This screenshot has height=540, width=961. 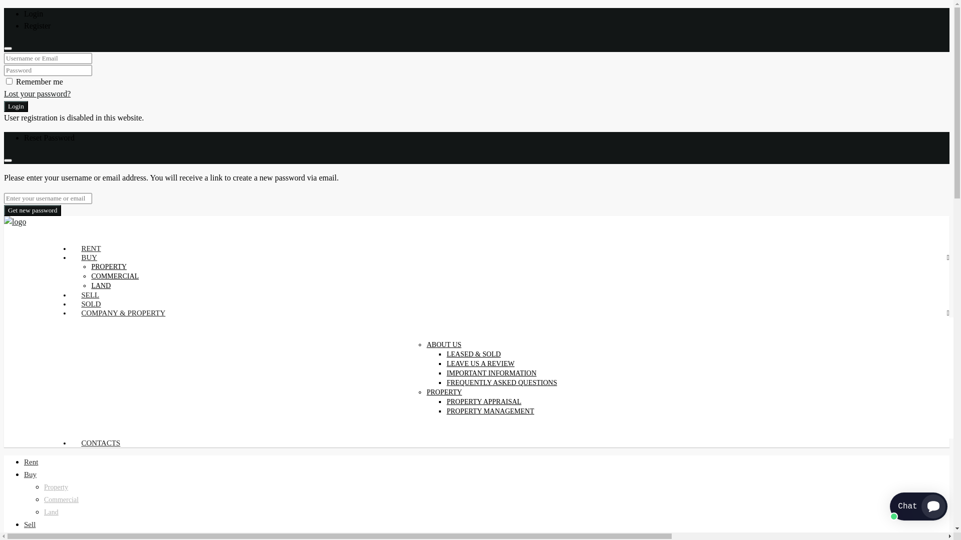 I want to click on 'ABOUT US', so click(x=443, y=344).